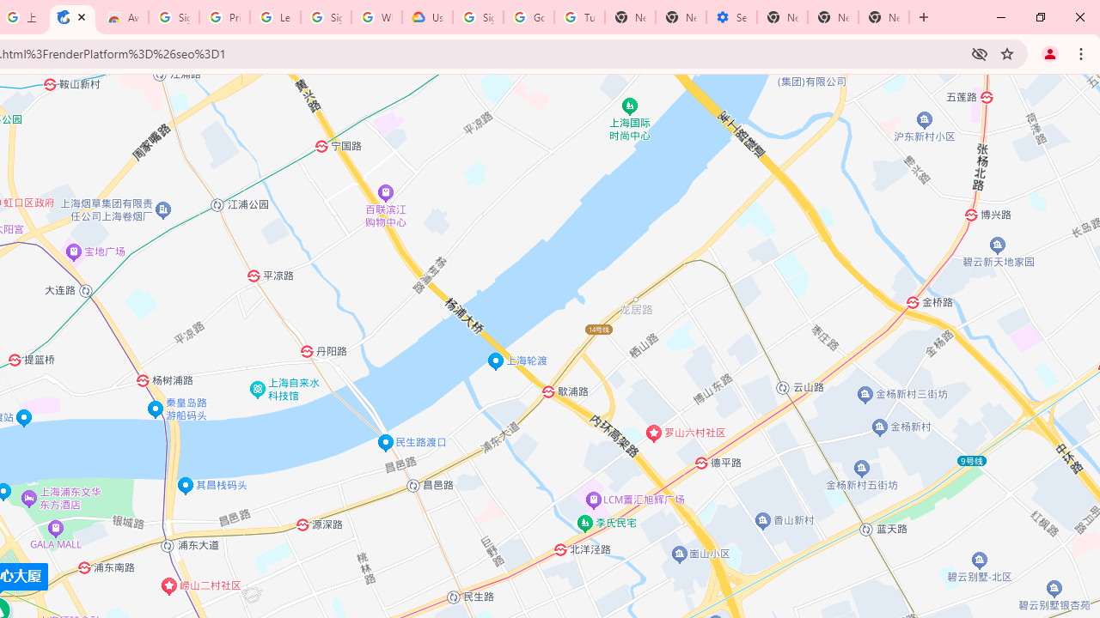 The height and width of the screenshot is (618, 1100). What do you see at coordinates (122, 17) in the screenshot?
I see `'Awesome Screen Recorder & Screenshot - Chrome Web Store'` at bounding box center [122, 17].